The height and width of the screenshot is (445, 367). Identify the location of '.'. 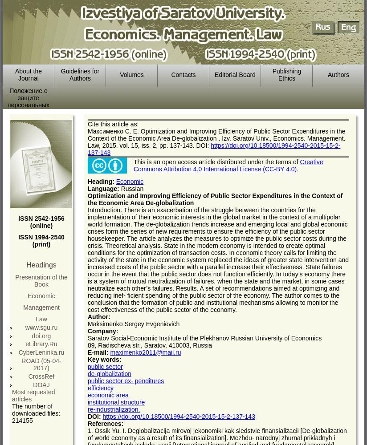
(298, 169).